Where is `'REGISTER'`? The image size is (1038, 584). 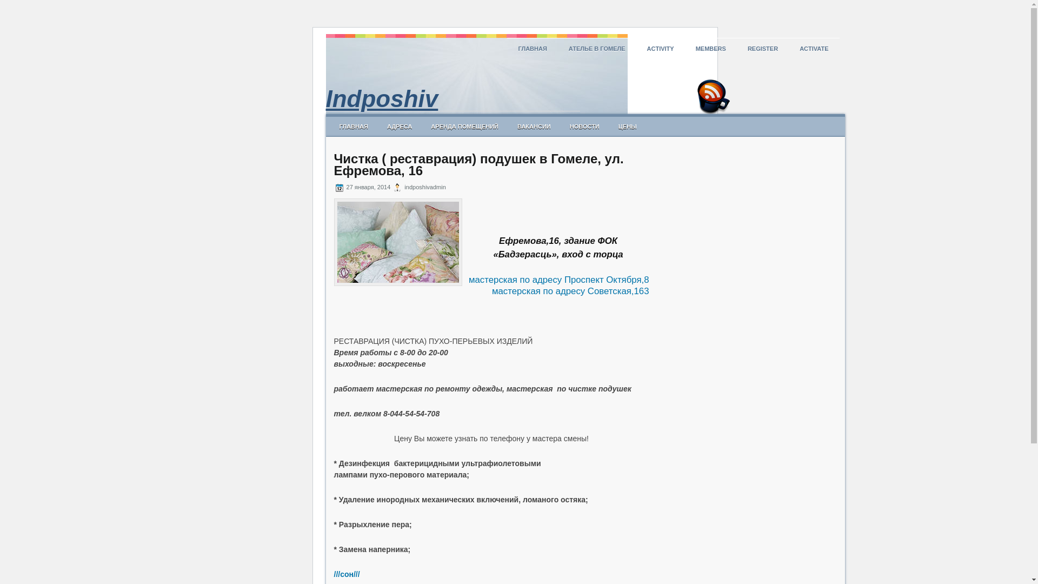
'REGISTER' is located at coordinates (762, 49).